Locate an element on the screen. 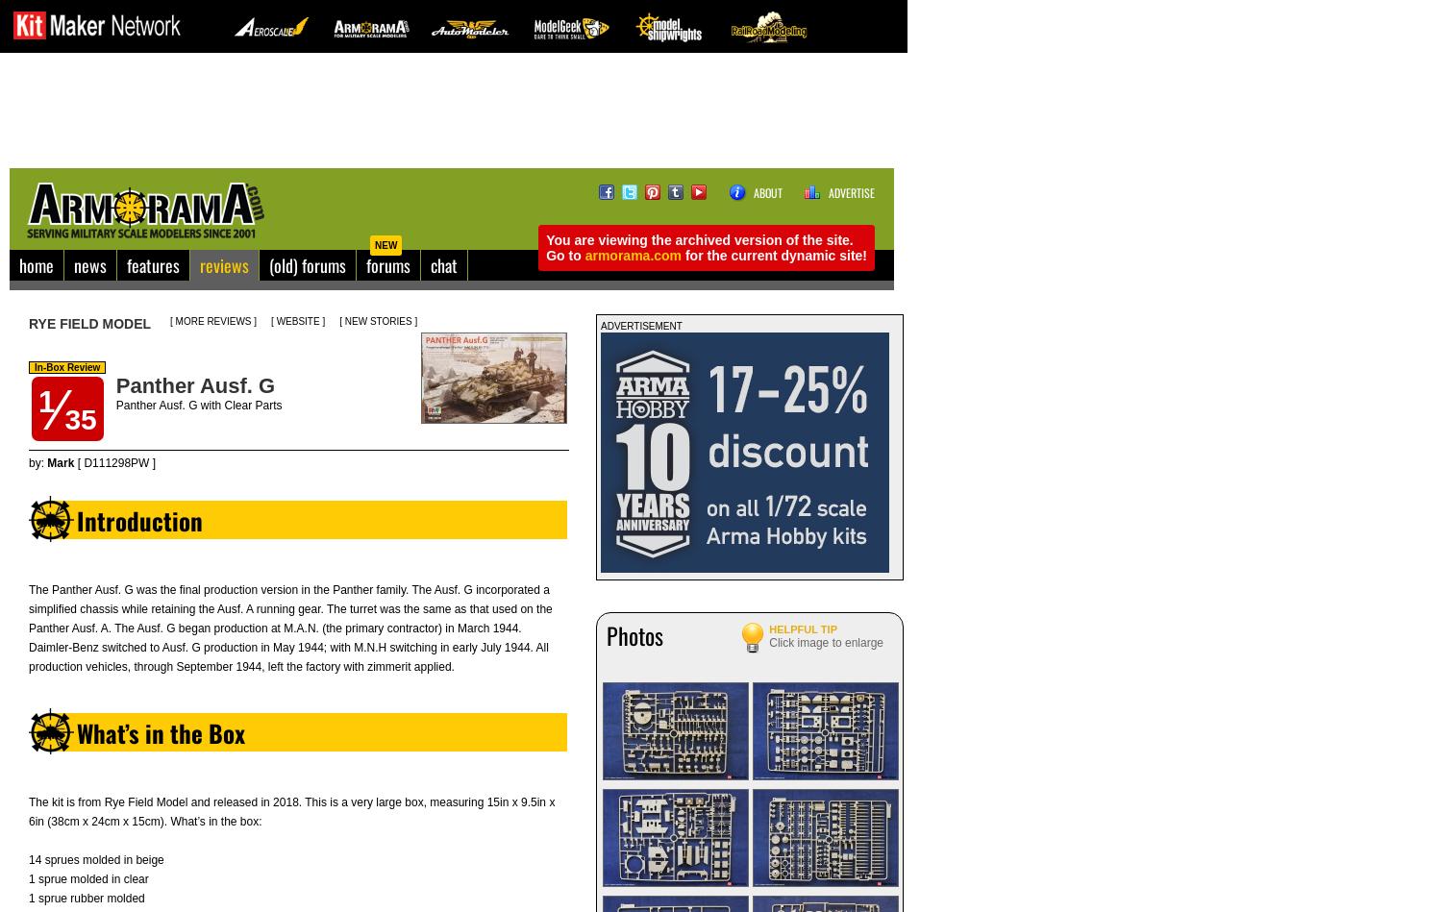 The height and width of the screenshot is (912, 1442). 'RYE FIELD MODEL' is located at coordinates (88, 323).